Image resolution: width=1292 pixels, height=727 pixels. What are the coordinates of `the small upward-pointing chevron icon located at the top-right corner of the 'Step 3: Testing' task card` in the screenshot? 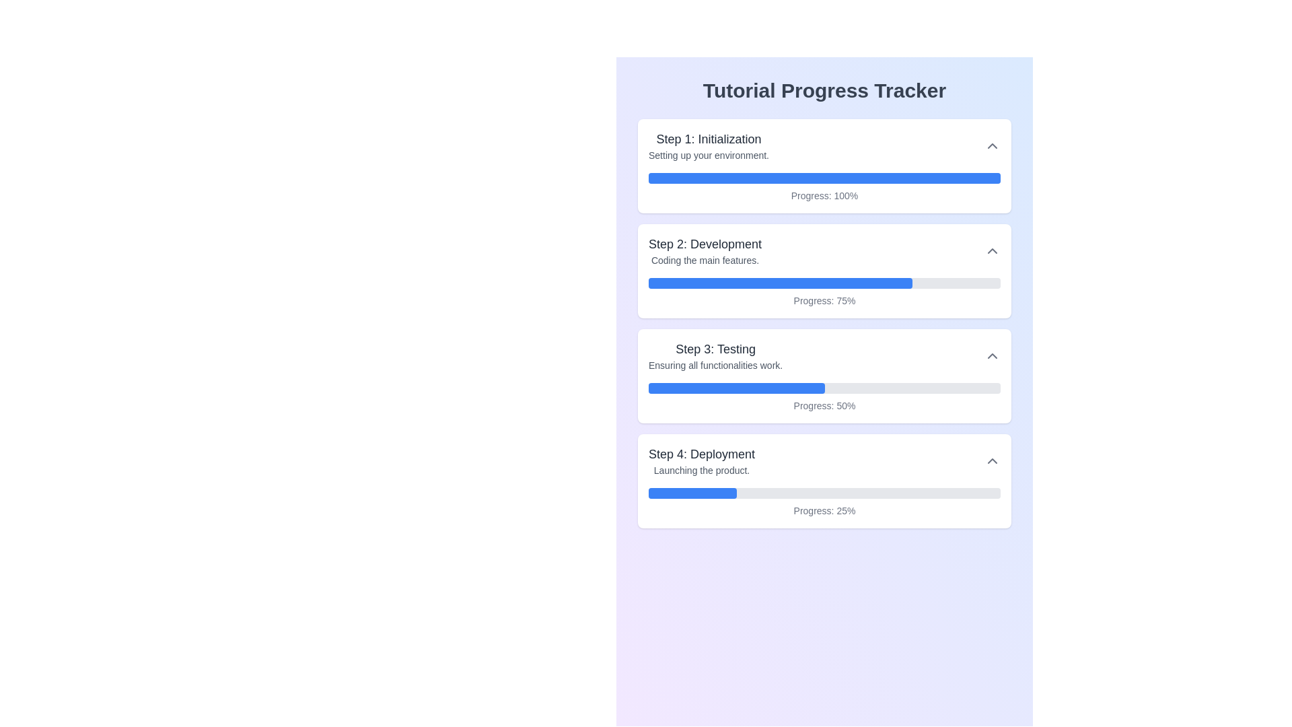 It's located at (992, 355).